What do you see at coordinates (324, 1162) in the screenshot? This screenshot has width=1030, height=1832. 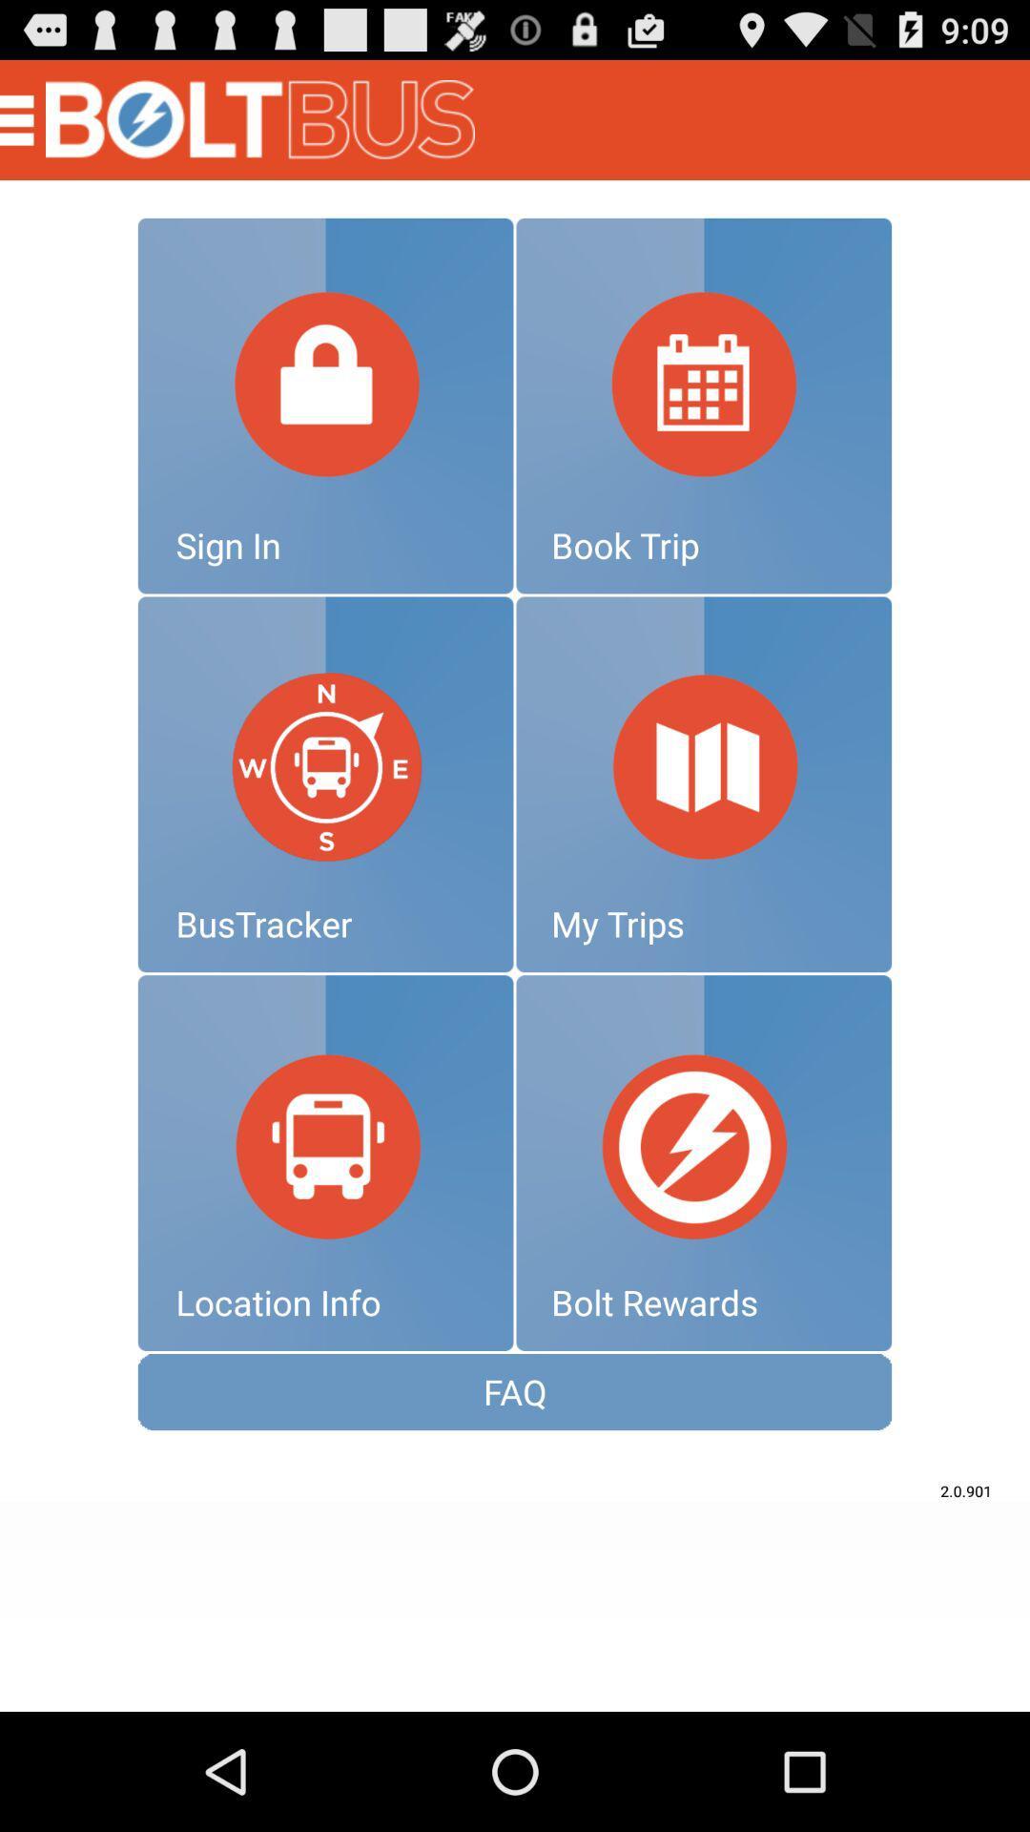 I see `the item above the faq icon` at bounding box center [324, 1162].